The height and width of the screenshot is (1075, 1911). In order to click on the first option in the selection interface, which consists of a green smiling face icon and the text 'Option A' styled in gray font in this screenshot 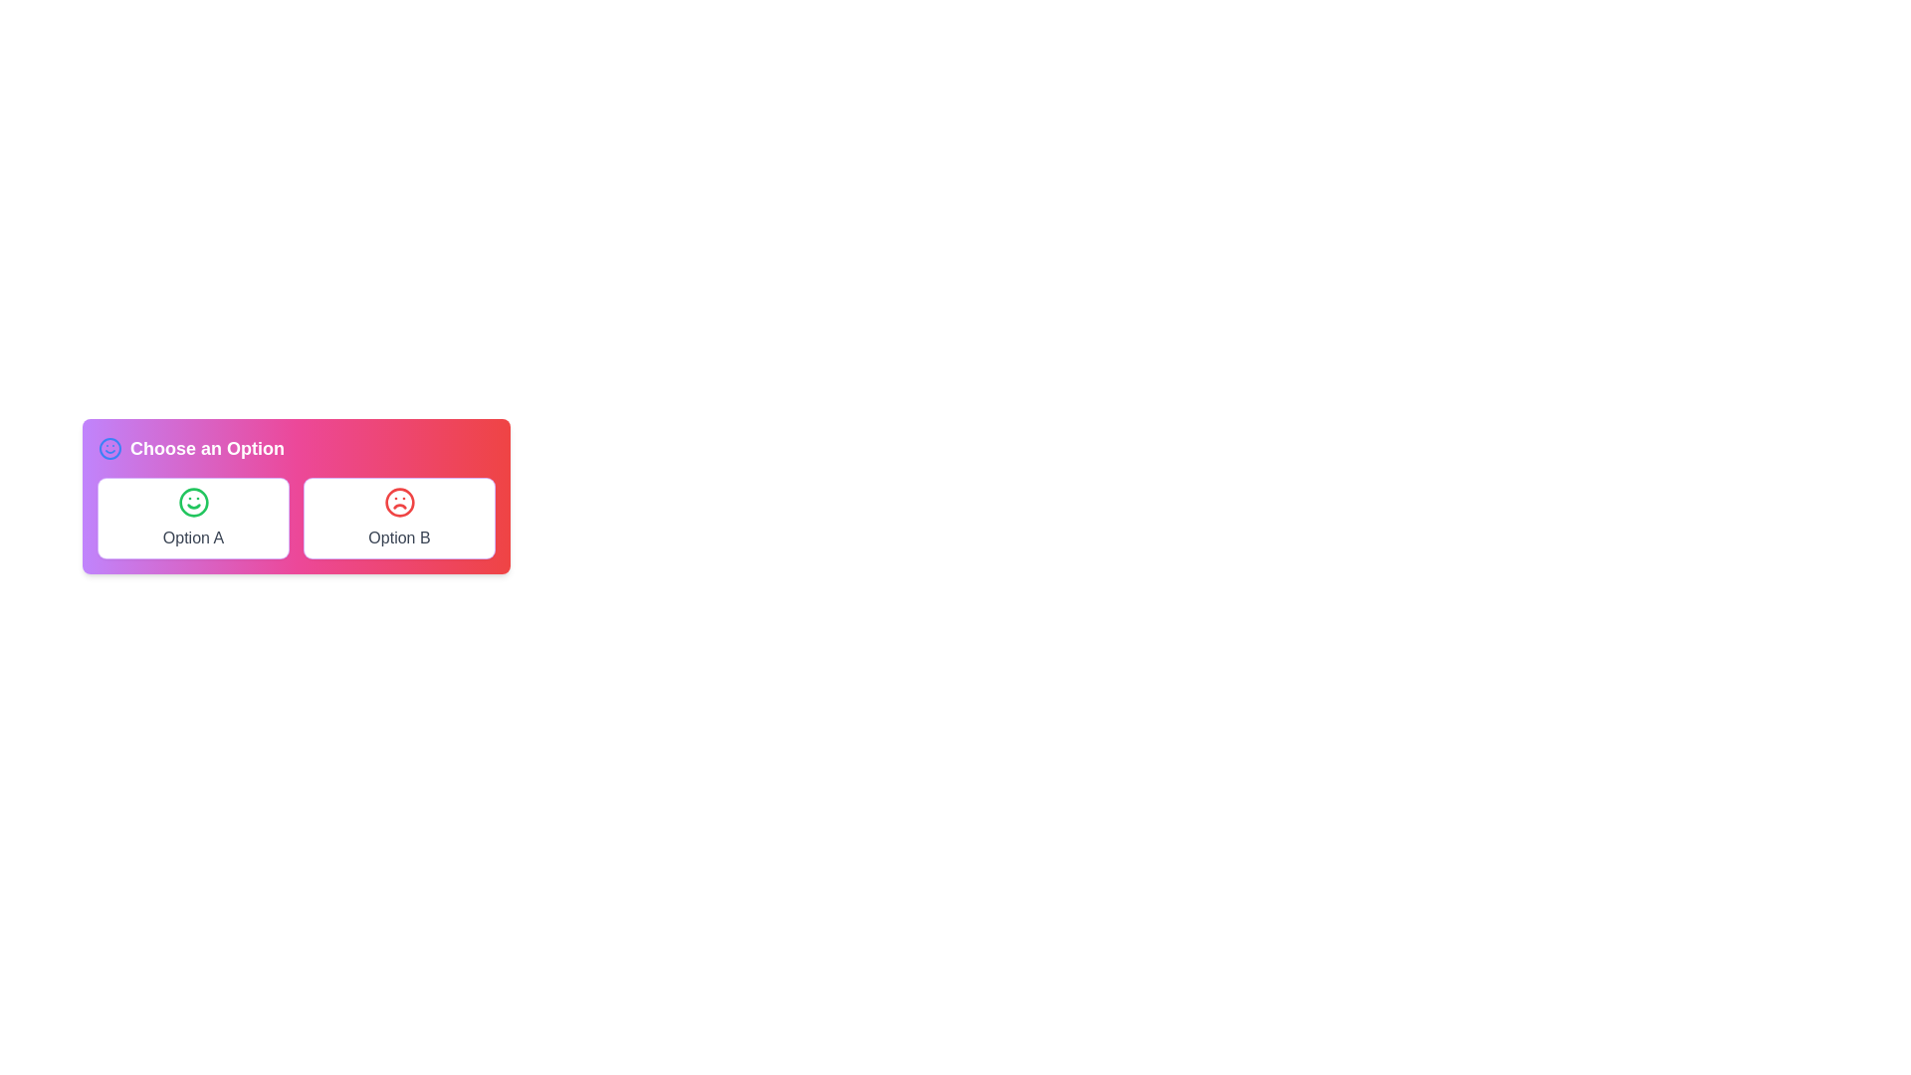, I will do `click(193, 517)`.